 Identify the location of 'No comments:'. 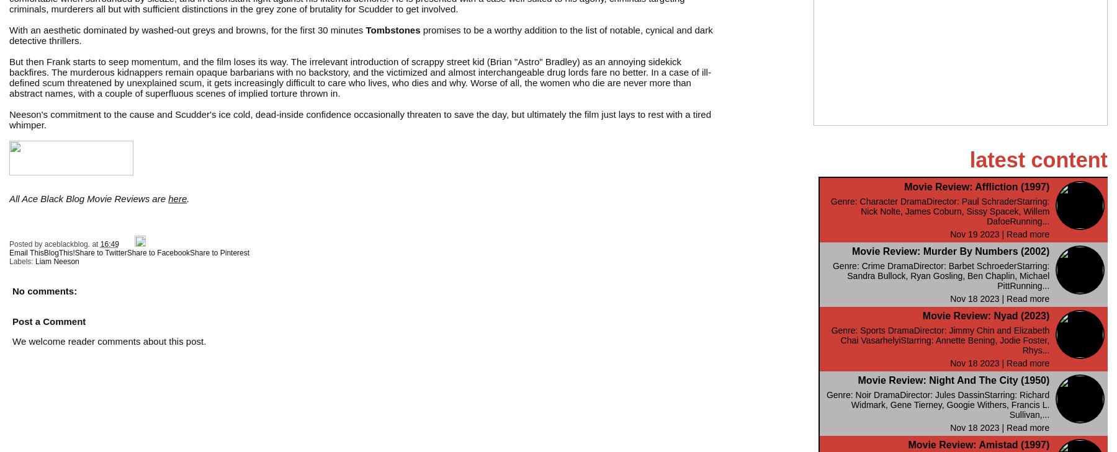
(44, 290).